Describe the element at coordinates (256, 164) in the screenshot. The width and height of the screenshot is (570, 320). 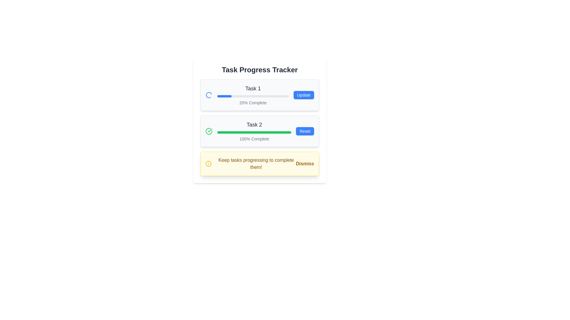
I see `the informational text displaying 'Keep tasks progressing to complete them!' which is centrally located in the notification banner` at that location.